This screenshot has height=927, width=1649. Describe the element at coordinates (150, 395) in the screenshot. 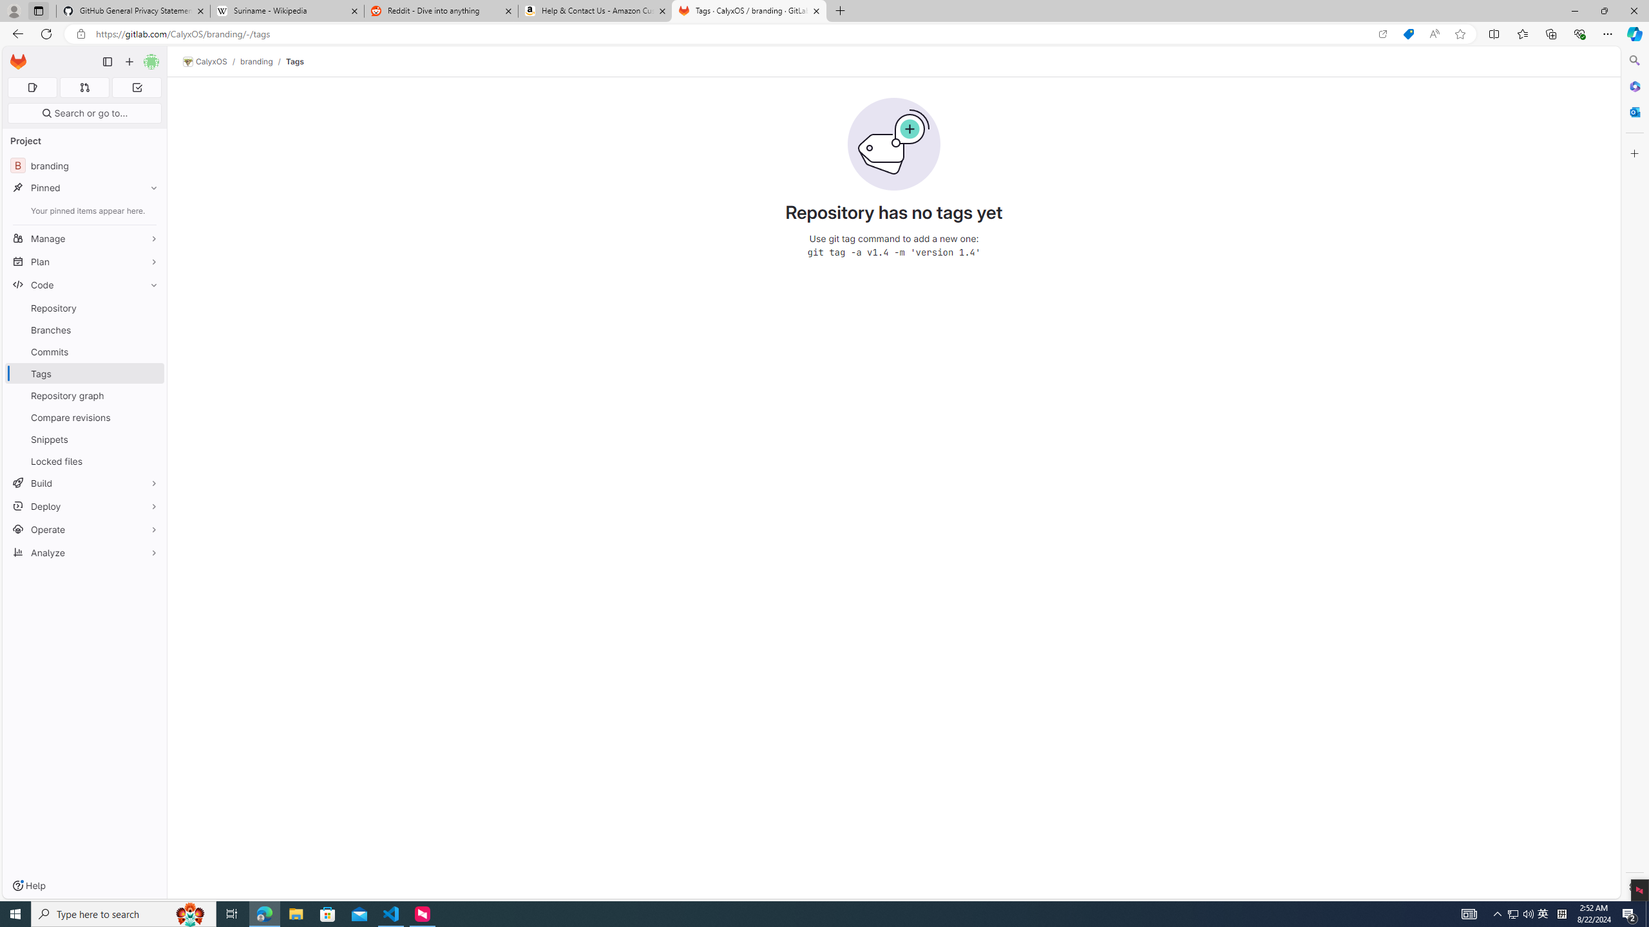

I see `'Pin Repository graph'` at that location.